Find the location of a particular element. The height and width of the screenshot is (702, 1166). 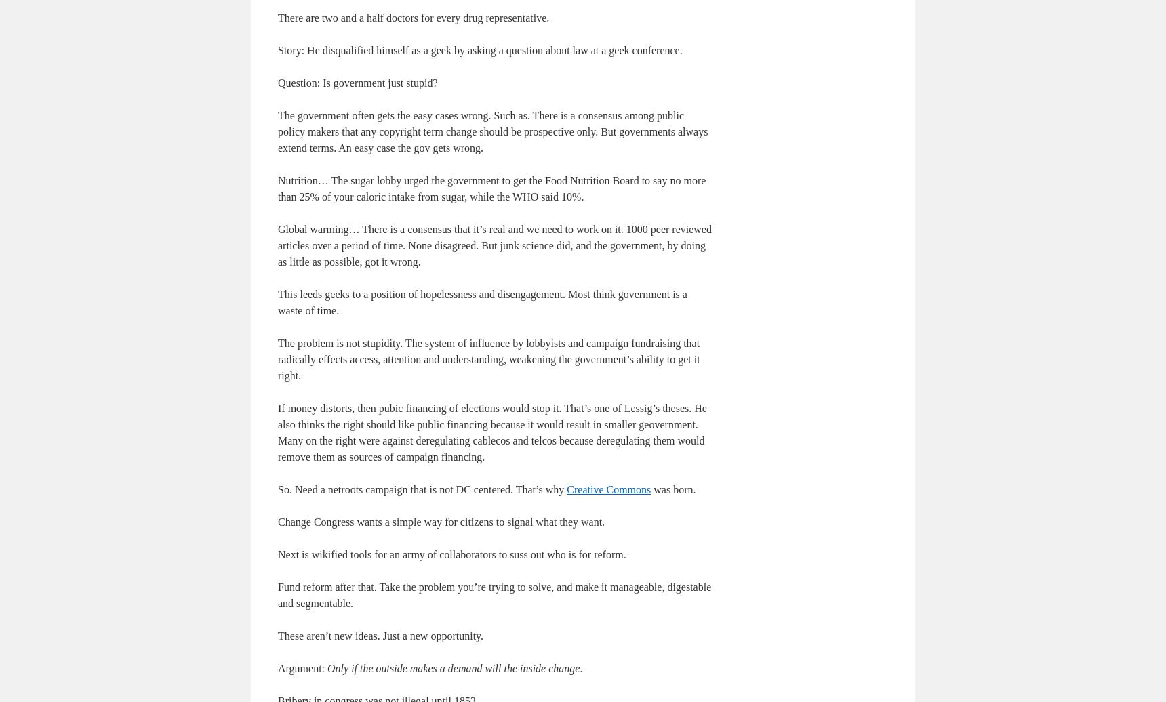

'Fund reform after that. Take the problem you’re trying to solve, and make it manageable, digestable and segmentable.' is located at coordinates (278, 594).